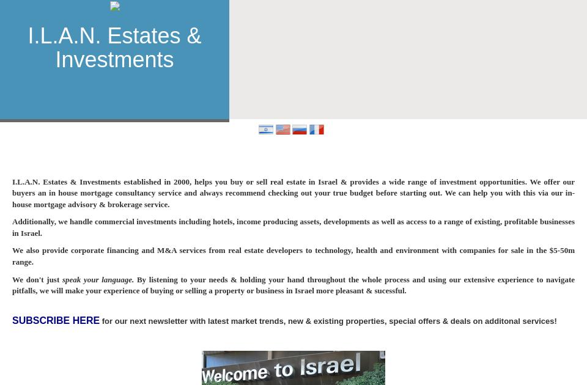 The image size is (587, 385). I want to click on 'I.L.A.N. Estates & Investments', so click(114, 47).